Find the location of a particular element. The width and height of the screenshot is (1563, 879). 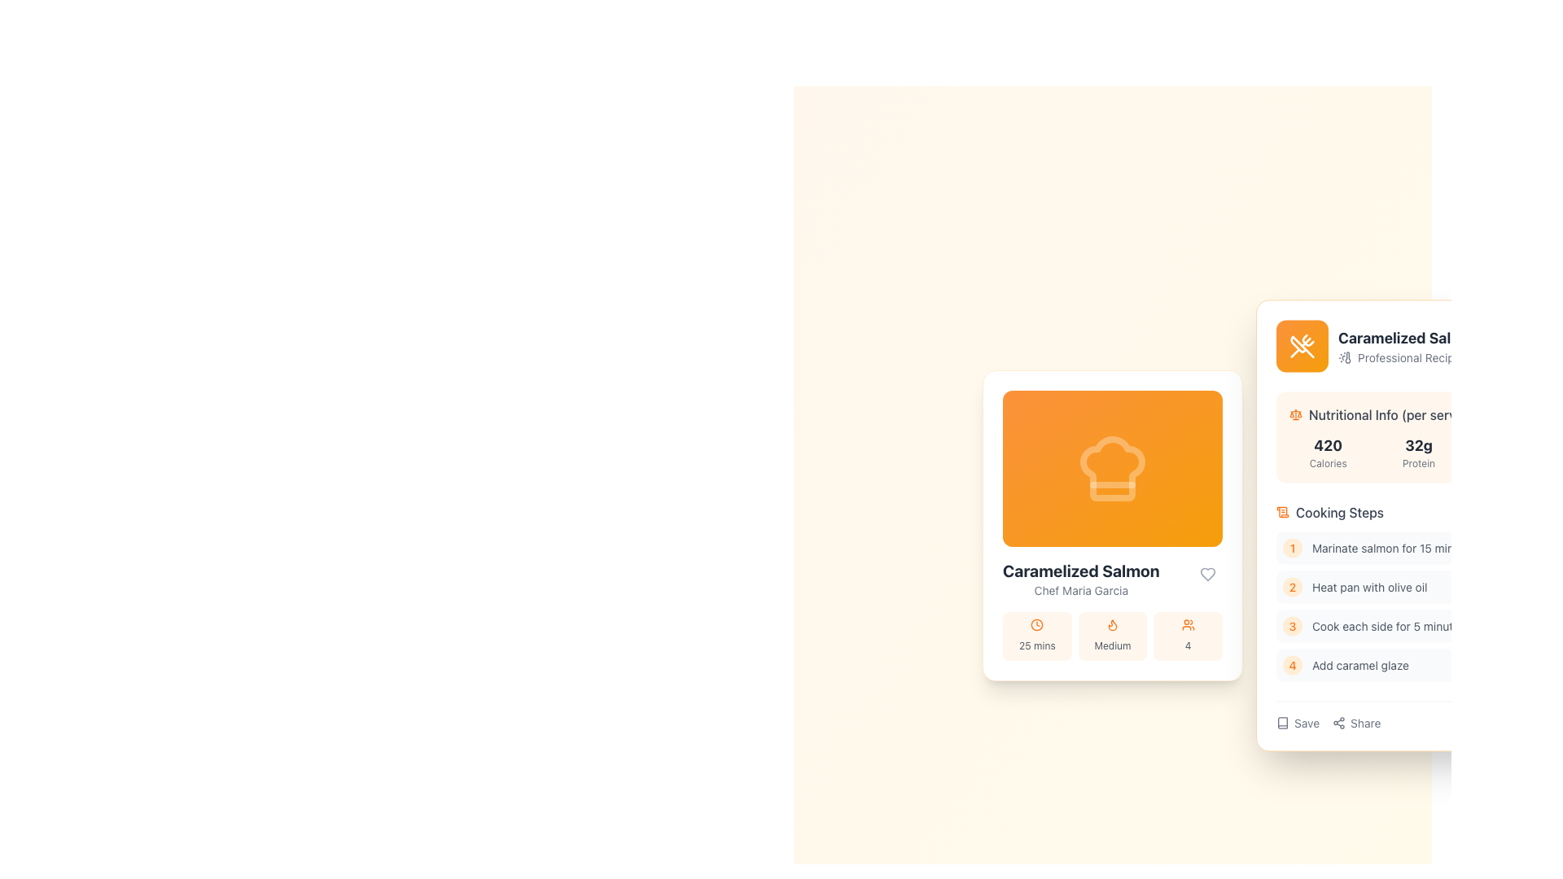

the decorative icon located in the header section next to the title 'Caramelized Salmon' on the rightmost card of the interface is located at coordinates (1301, 344).